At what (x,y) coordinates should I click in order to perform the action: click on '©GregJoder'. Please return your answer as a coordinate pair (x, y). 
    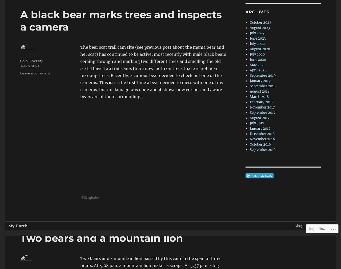
    Looking at the image, I should click on (90, 197).